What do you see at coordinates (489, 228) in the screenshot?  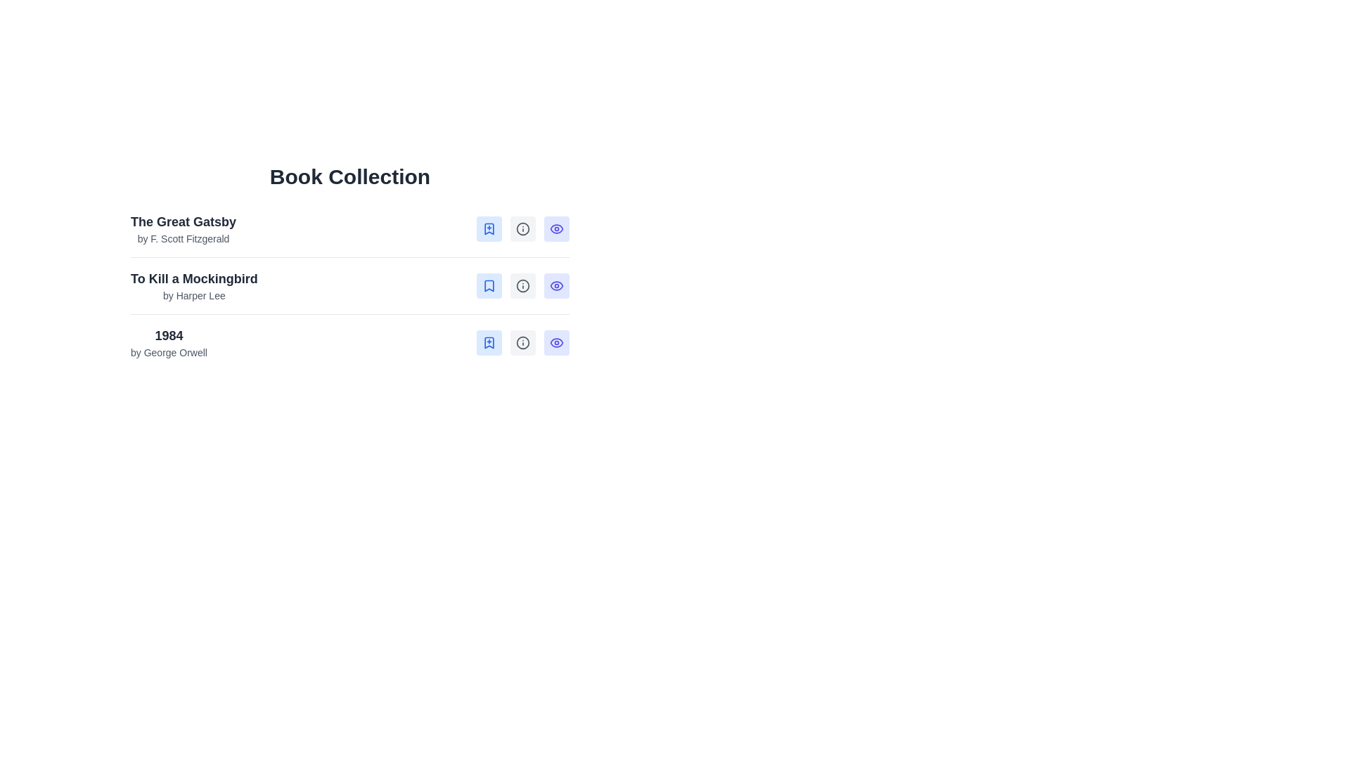 I see `the button located in the top row of the 'Book Collection' list to the right of 'The Great Gatsby' to bookmark the corresponding item` at bounding box center [489, 228].